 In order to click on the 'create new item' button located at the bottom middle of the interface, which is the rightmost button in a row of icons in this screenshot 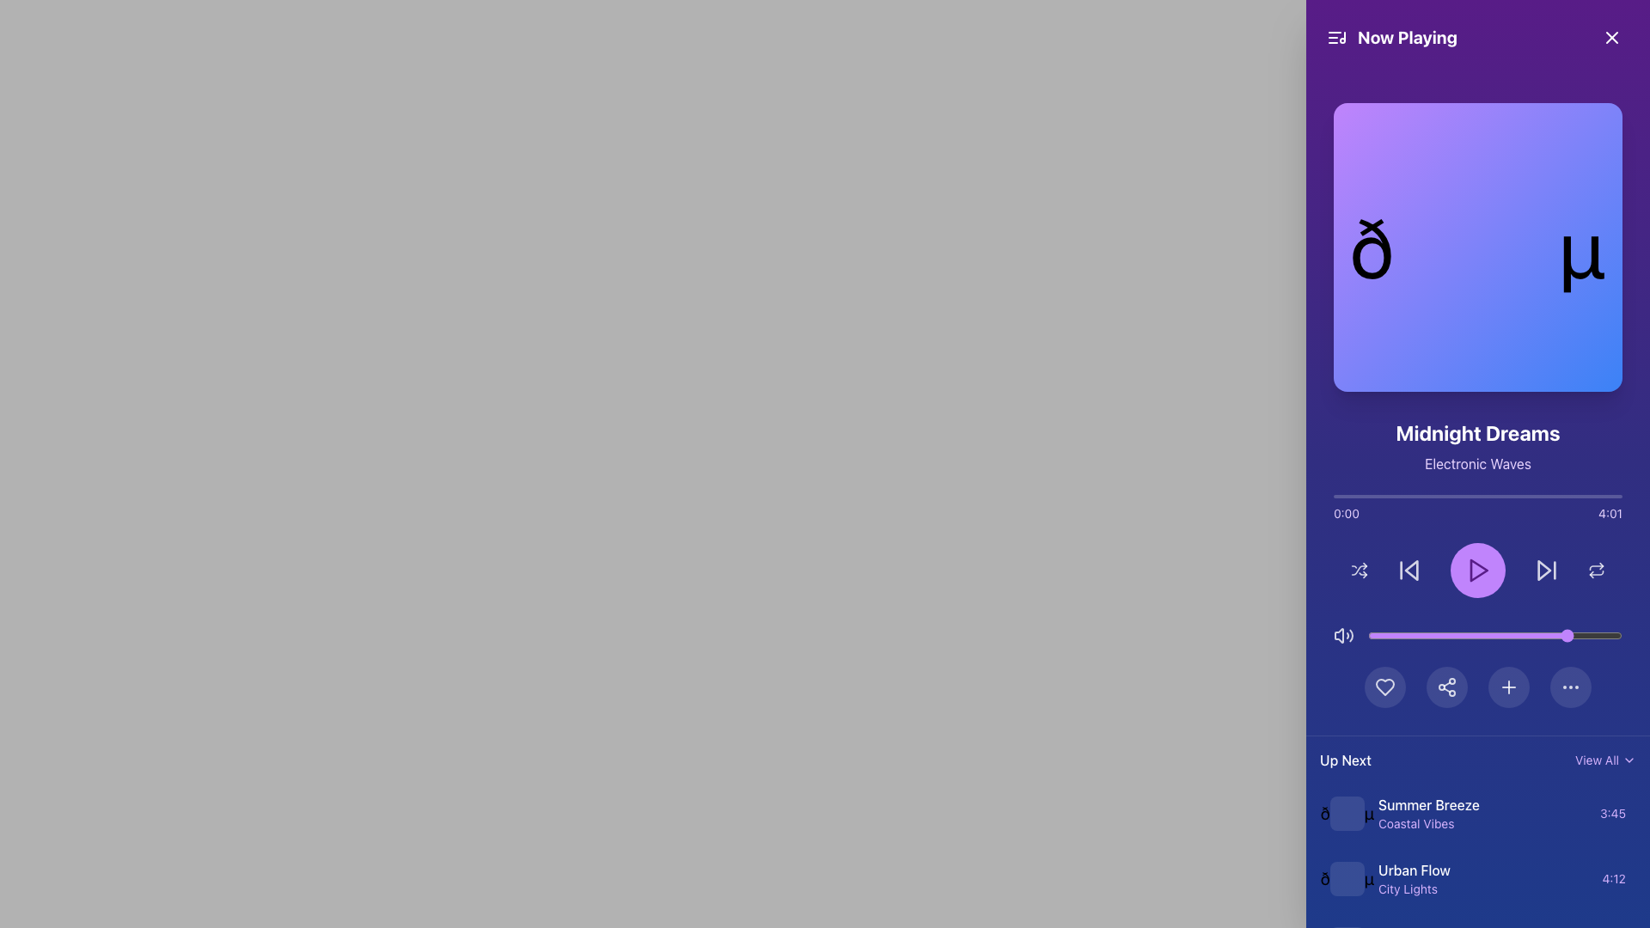, I will do `click(1508, 686)`.